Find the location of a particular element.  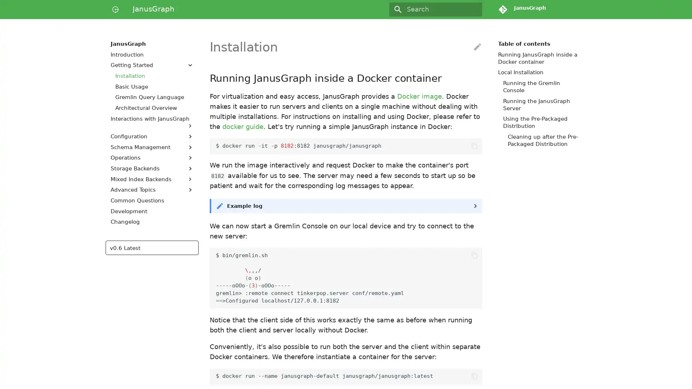

Copy to clipboard is located at coordinates (474, 146).